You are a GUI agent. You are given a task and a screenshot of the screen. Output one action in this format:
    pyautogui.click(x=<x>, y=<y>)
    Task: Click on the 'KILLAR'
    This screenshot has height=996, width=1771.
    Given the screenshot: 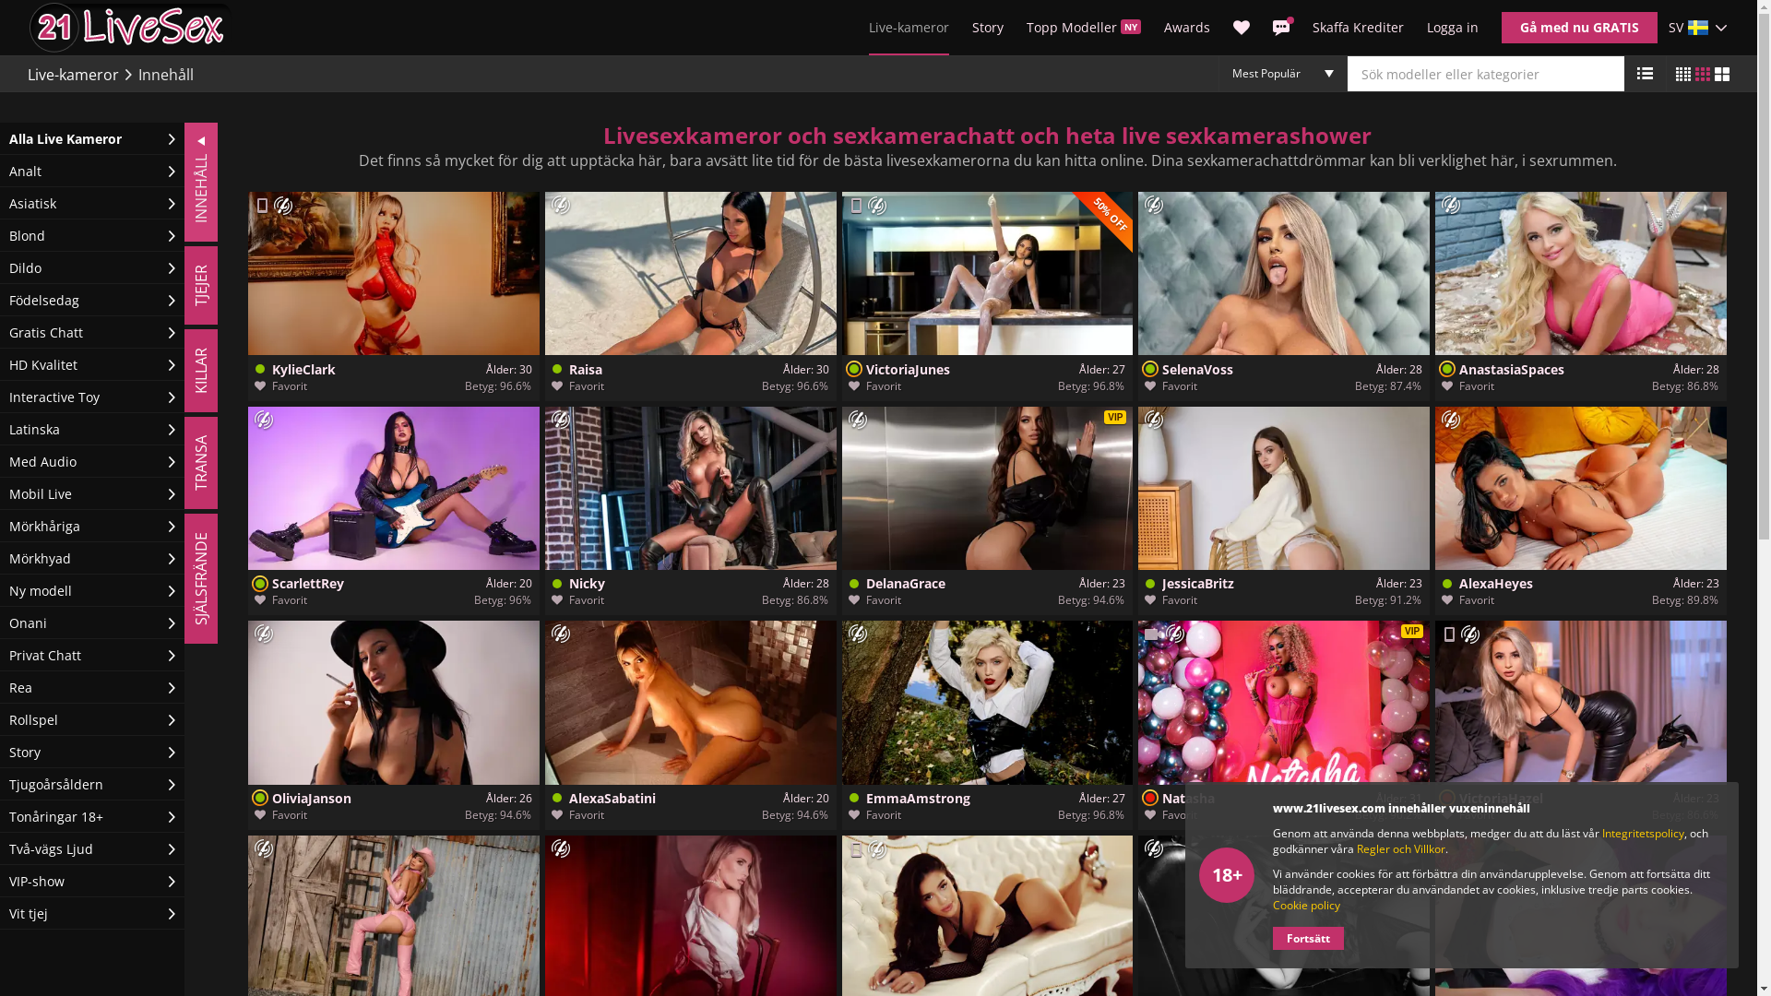 What is the action you would take?
    pyautogui.click(x=224, y=345)
    